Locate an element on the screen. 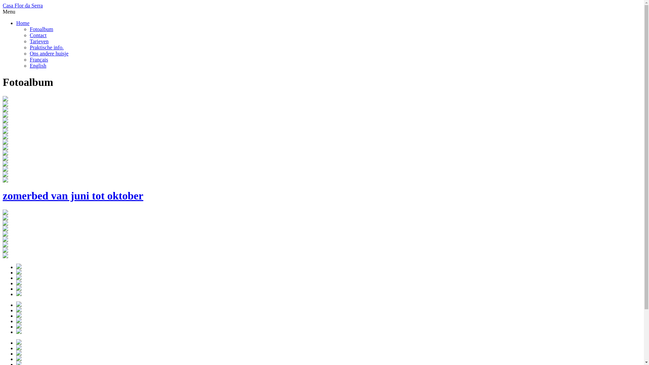 This screenshot has height=365, width=649. 'Casa Flor da Serra' is located at coordinates (23, 5).